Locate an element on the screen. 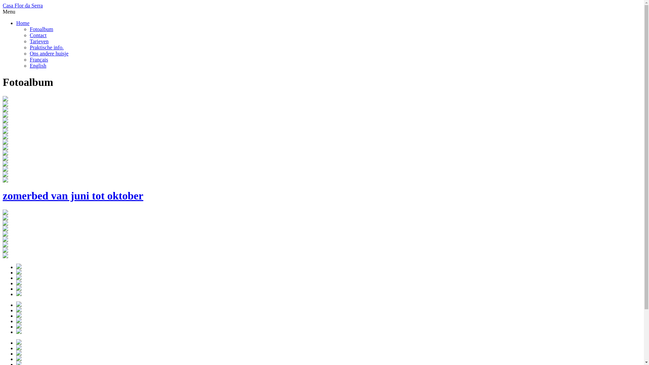 This screenshot has height=365, width=649. 'Casa Flor da Serra' is located at coordinates (23, 5).